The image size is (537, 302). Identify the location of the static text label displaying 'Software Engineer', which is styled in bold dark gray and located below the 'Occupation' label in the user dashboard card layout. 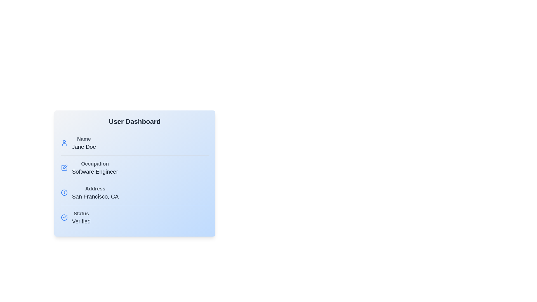
(95, 171).